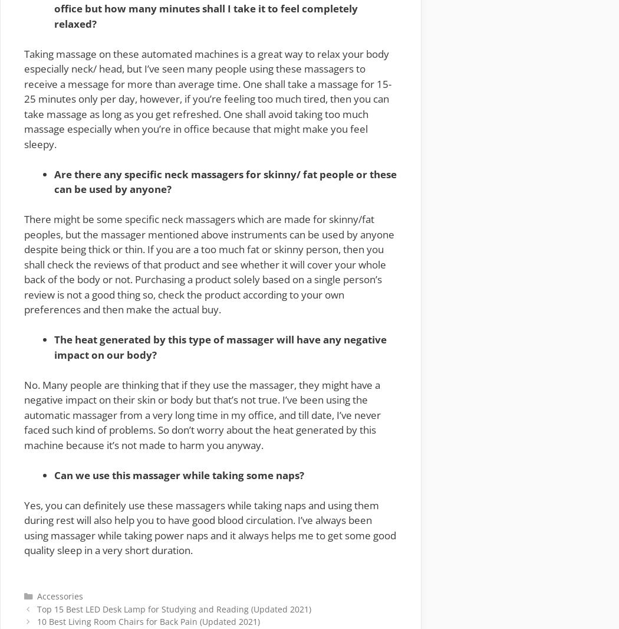 The image size is (619, 629). What do you see at coordinates (60, 595) in the screenshot?
I see `'Accessories'` at bounding box center [60, 595].